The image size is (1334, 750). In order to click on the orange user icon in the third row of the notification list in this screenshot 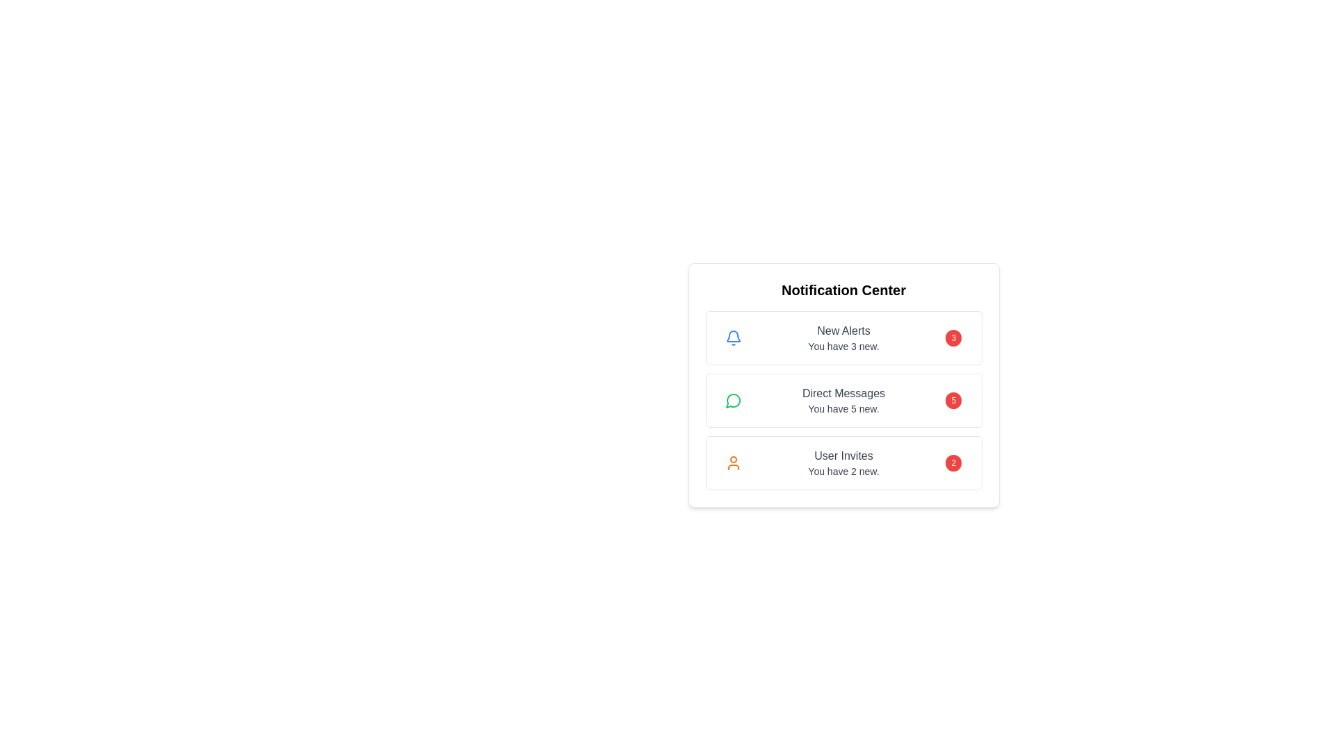, I will do `click(733, 463)`.